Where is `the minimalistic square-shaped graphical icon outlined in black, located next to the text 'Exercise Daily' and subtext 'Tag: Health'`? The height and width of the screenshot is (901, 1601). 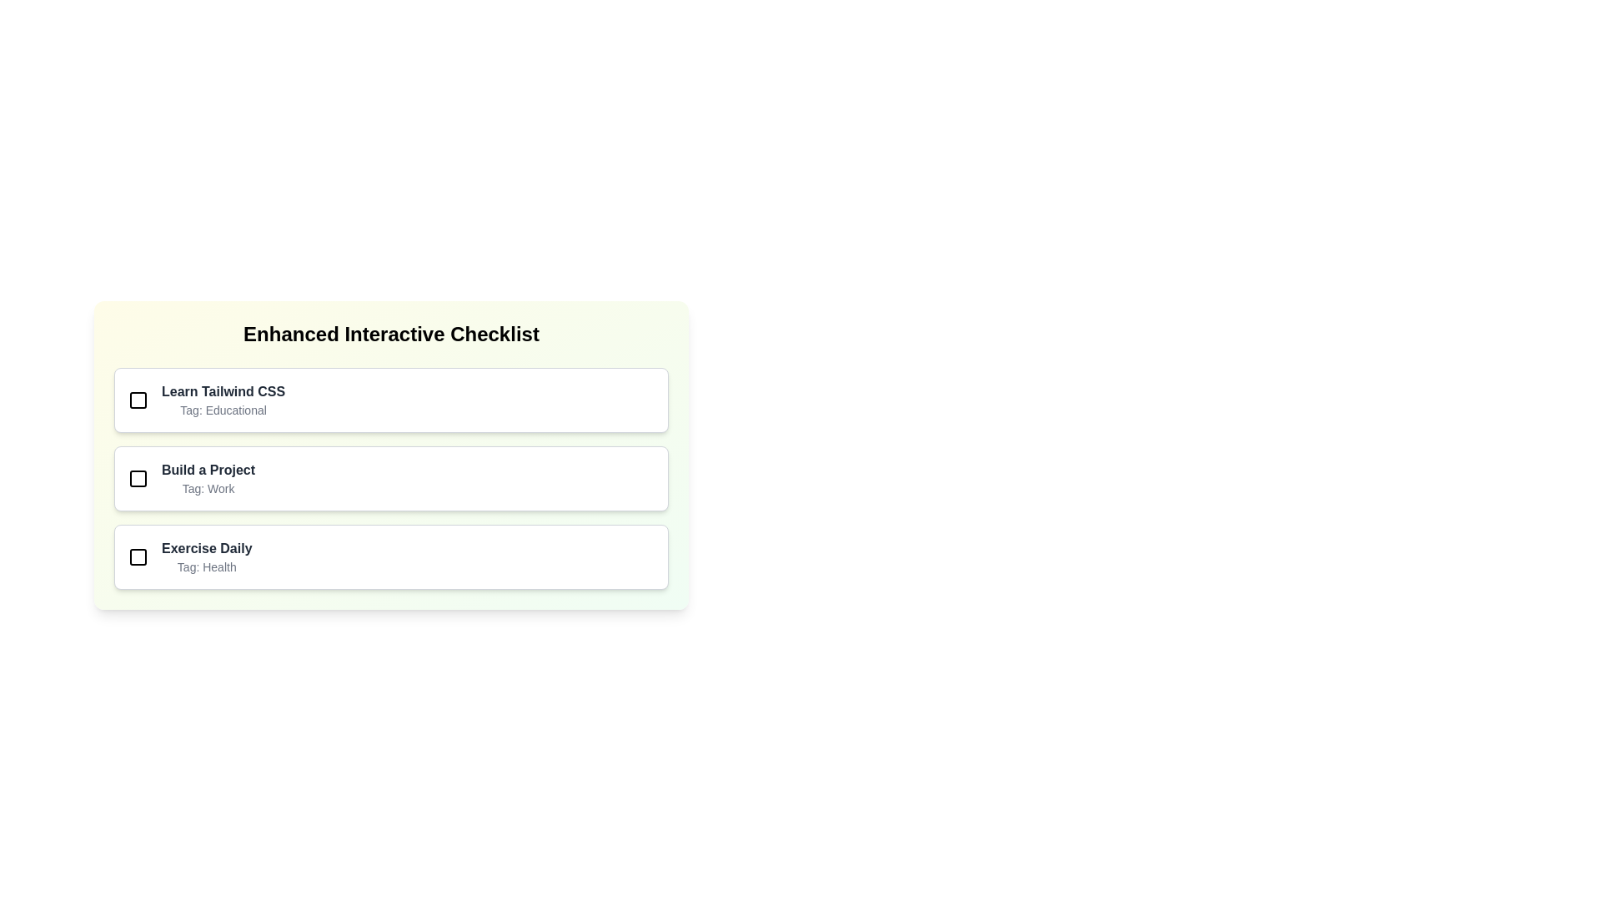
the minimalistic square-shaped graphical icon outlined in black, located next to the text 'Exercise Daily' and subtext 'Tag: Health' is located at coordinates (138, 556).